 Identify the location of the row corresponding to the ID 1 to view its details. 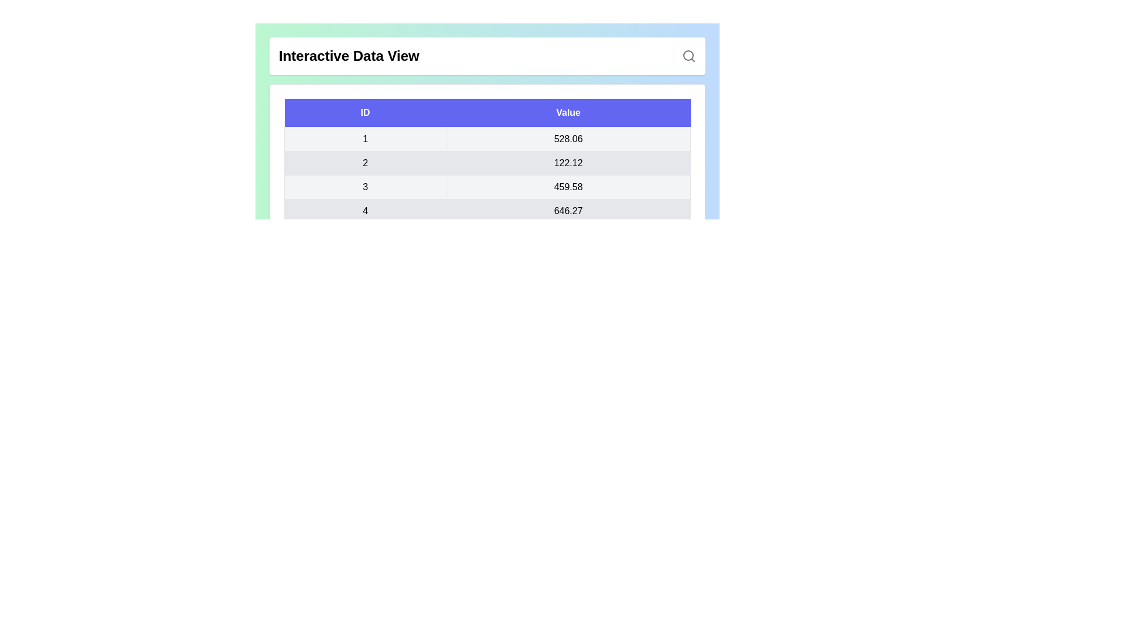
(364, 139).